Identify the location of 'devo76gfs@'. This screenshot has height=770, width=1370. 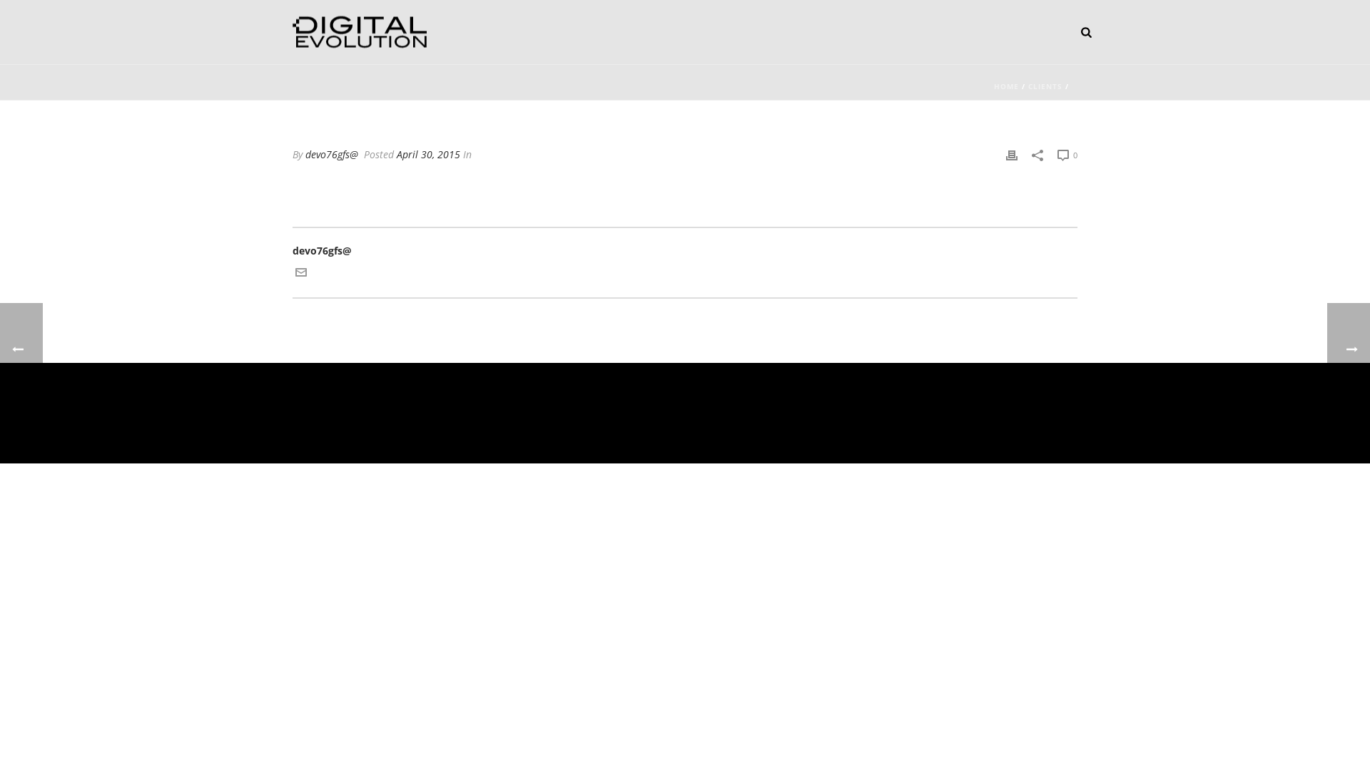
(331, 154).